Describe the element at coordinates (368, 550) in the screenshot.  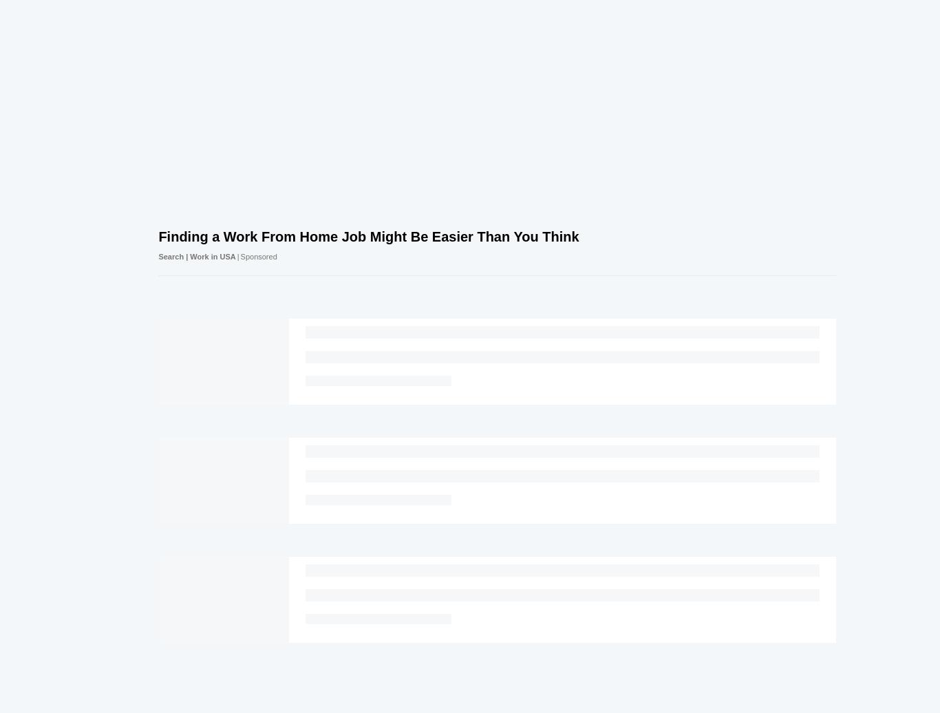
I see `'All rights reserved. England and Wales company registration number 2008885.'` at that location.